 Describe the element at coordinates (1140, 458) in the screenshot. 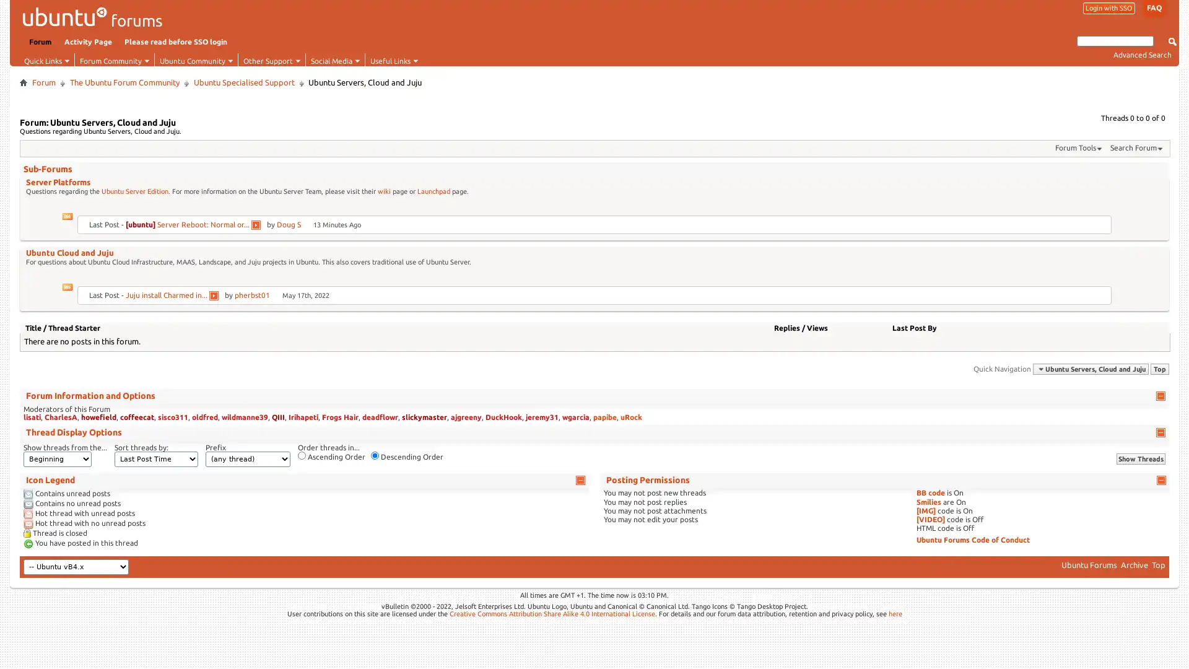

I see `Show Threads` at that location.